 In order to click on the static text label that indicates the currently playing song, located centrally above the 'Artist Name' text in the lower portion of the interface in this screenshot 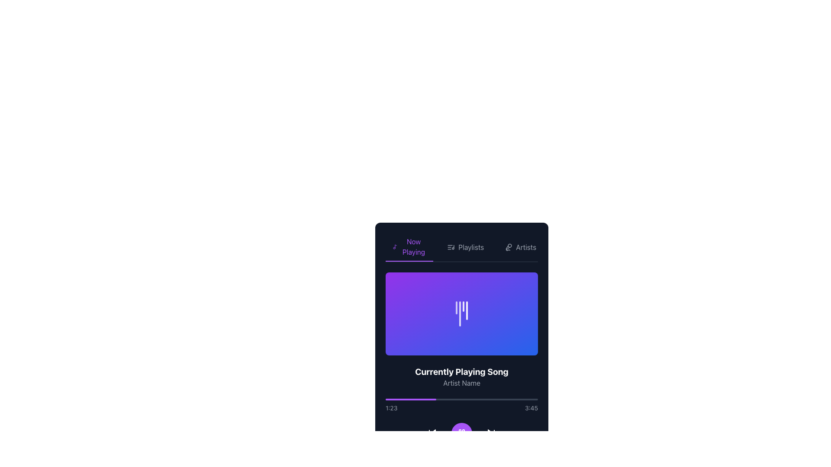, I will do `click(461, 371)`.